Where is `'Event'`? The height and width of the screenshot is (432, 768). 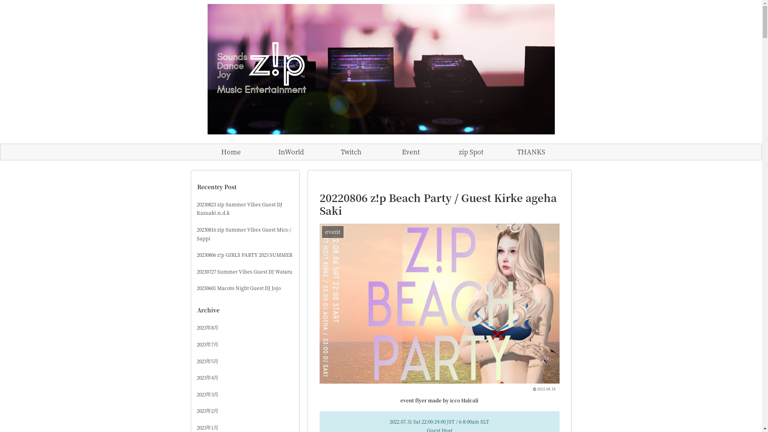 'Event' is located at coordinates (411, 152).